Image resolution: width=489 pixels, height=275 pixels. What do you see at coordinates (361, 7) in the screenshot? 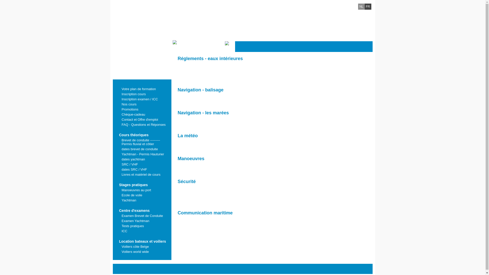
I see `'NL'` at bounding box center [361, 7].